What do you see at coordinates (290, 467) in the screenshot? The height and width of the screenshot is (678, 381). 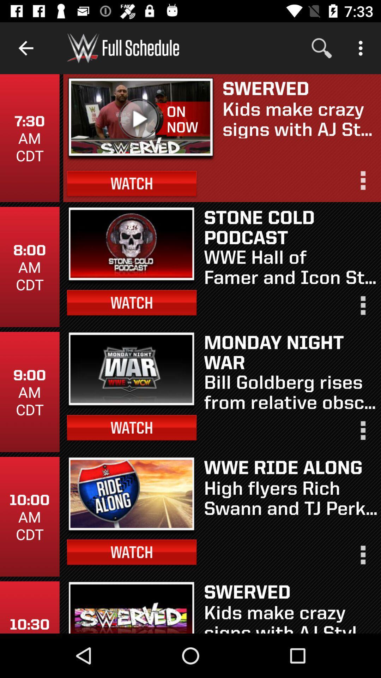 I see `the icon above the high flyers rich` at bounding box center [290, 467].